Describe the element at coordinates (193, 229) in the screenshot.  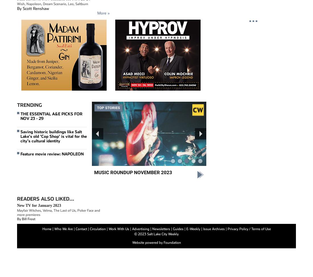
I see `'E-Weekly'` at that location.